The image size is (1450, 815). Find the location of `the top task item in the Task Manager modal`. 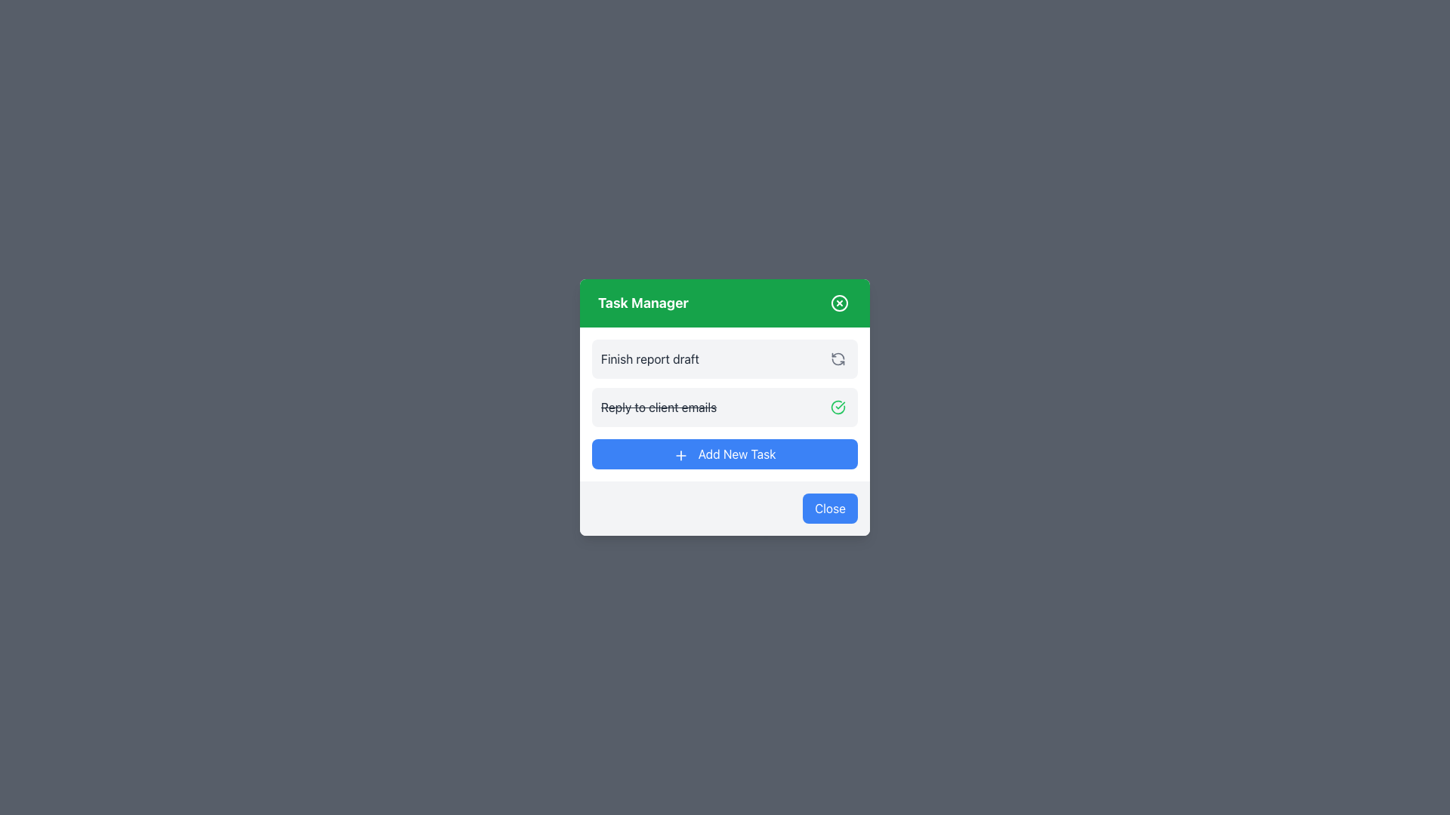

the top task item in the Task Manager modal is located at coordinates (725, 358).